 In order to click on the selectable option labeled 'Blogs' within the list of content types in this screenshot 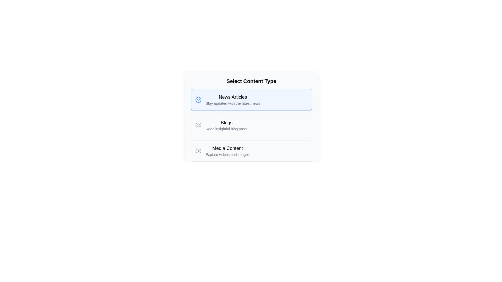, I will do `click(251, 125)`.